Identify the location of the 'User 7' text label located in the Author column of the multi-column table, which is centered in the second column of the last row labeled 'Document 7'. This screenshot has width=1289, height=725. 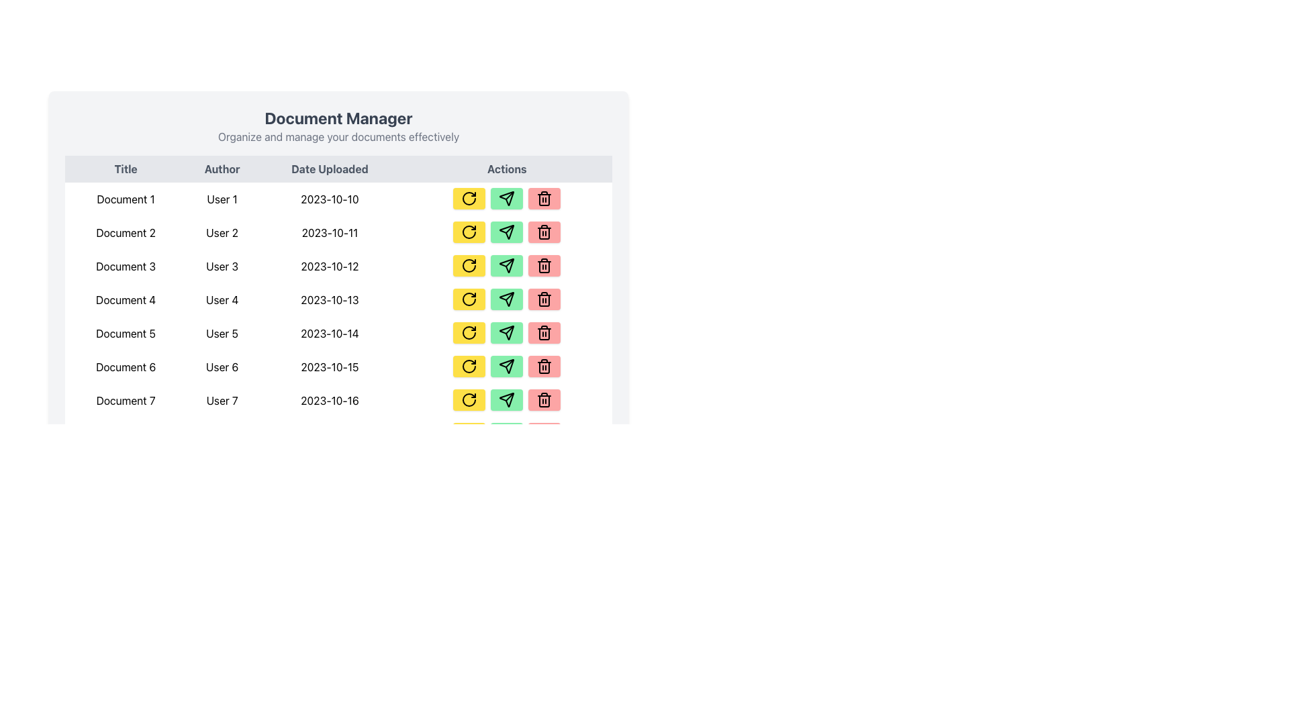
(222, 400).